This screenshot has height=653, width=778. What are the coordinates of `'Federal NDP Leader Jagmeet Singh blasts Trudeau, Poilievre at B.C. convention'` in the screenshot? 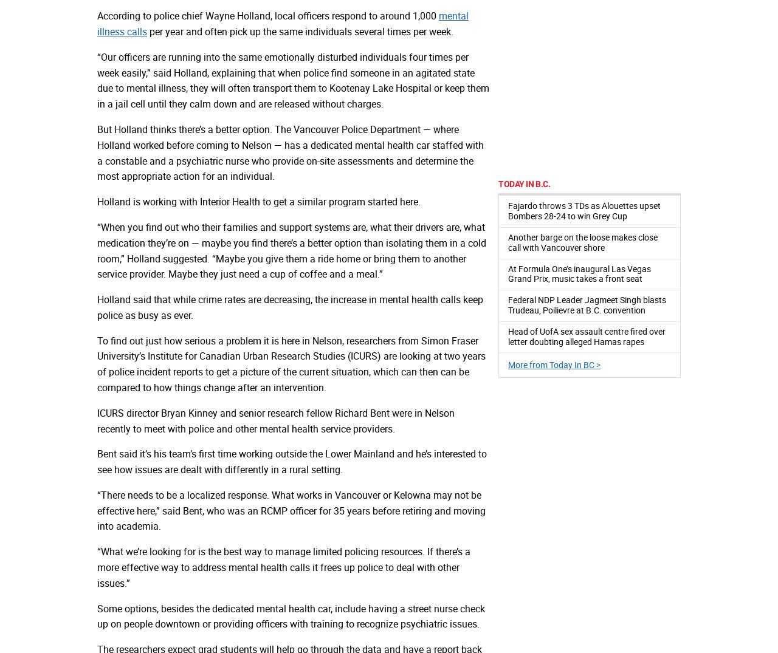 It's located at (587, 304).